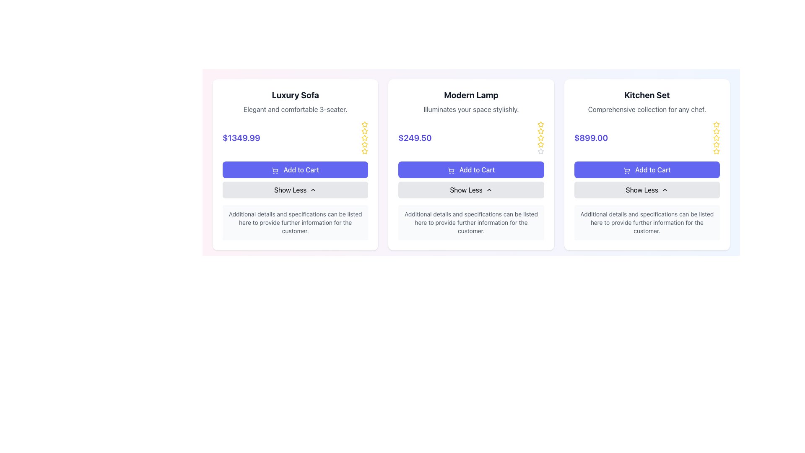 This screenshot has width=805, height=453. I want to click on the fifth yellow star icon in the vertical stack of rating elements located under the 'Kitchen Set' item details, so click(716, 151).